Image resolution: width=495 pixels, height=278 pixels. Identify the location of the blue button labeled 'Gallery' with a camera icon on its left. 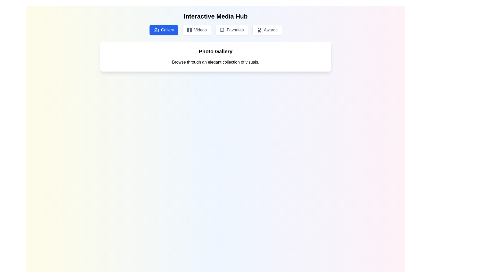
(163, 30).